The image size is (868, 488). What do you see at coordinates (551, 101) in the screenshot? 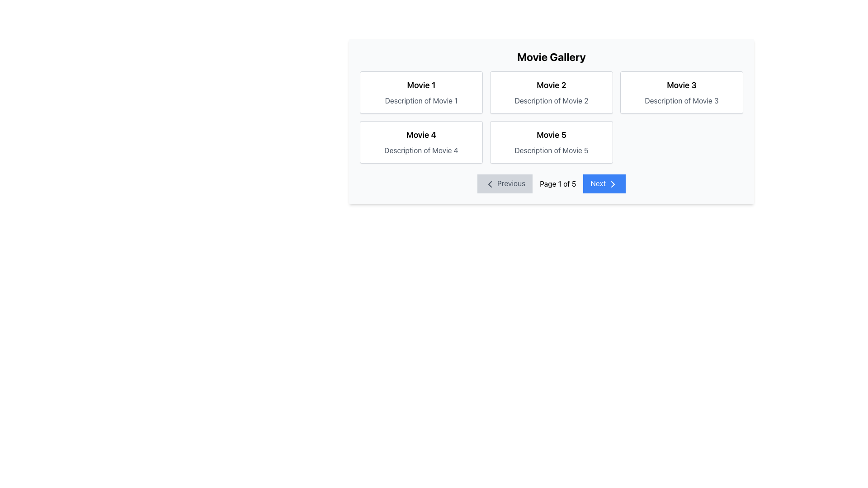
I see `the text element located directly below the heading 'Movie 2' in the second card of the grid, which provides a brief description of the movie` at bounding box center [551, 101].